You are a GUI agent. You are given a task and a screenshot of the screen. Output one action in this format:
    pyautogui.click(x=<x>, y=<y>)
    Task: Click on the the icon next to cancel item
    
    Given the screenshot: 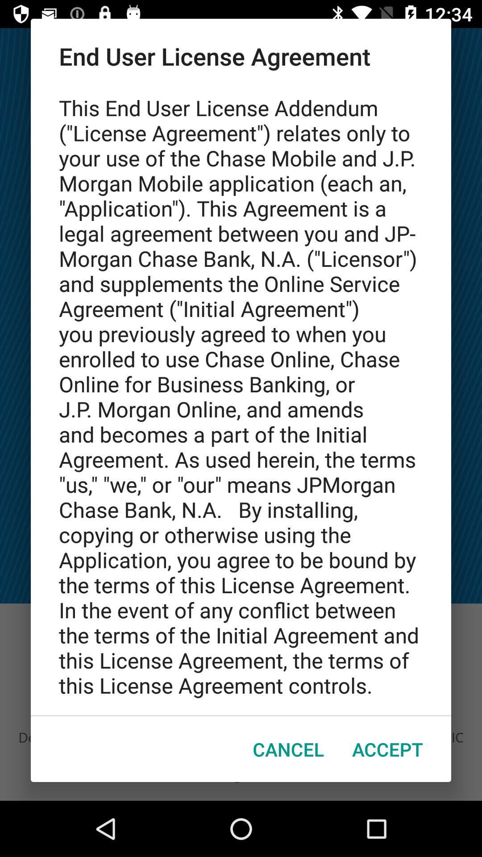 What is the action you would take?
    pyautogui.click(x=387, y=749)
    